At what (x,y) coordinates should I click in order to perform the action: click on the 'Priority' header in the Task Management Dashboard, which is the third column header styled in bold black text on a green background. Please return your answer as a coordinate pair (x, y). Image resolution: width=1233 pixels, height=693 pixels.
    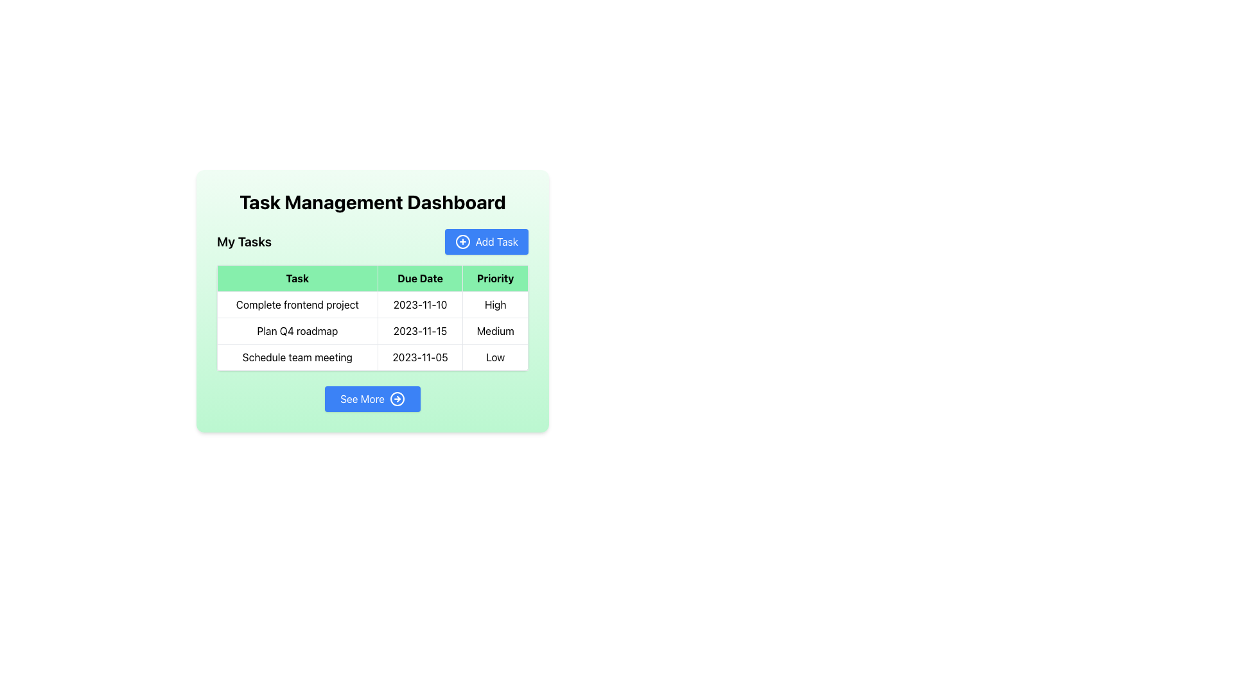
    Looking at the image, I should click on (494, 278).